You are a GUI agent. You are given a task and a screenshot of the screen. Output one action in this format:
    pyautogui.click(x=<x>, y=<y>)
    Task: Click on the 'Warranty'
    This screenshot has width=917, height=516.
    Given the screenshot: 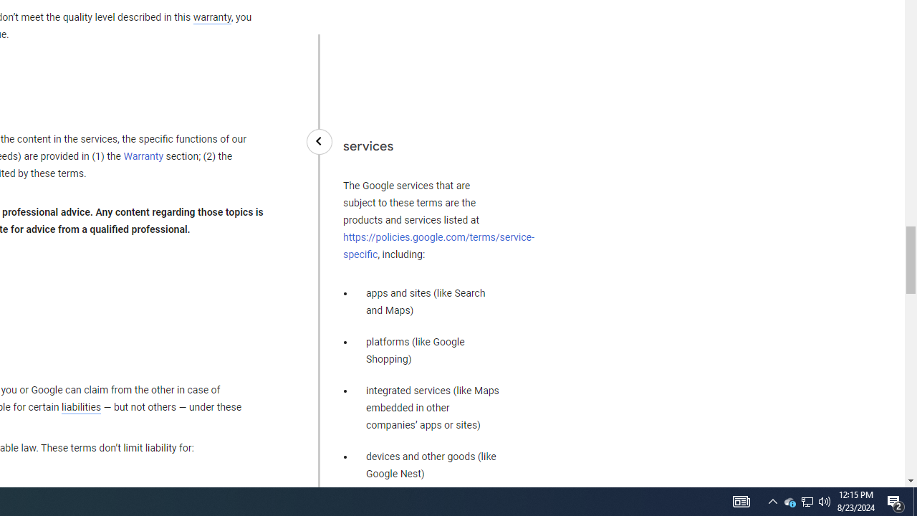 What is the action you would take?
    pyautogui.click(x=143, y=157)
    